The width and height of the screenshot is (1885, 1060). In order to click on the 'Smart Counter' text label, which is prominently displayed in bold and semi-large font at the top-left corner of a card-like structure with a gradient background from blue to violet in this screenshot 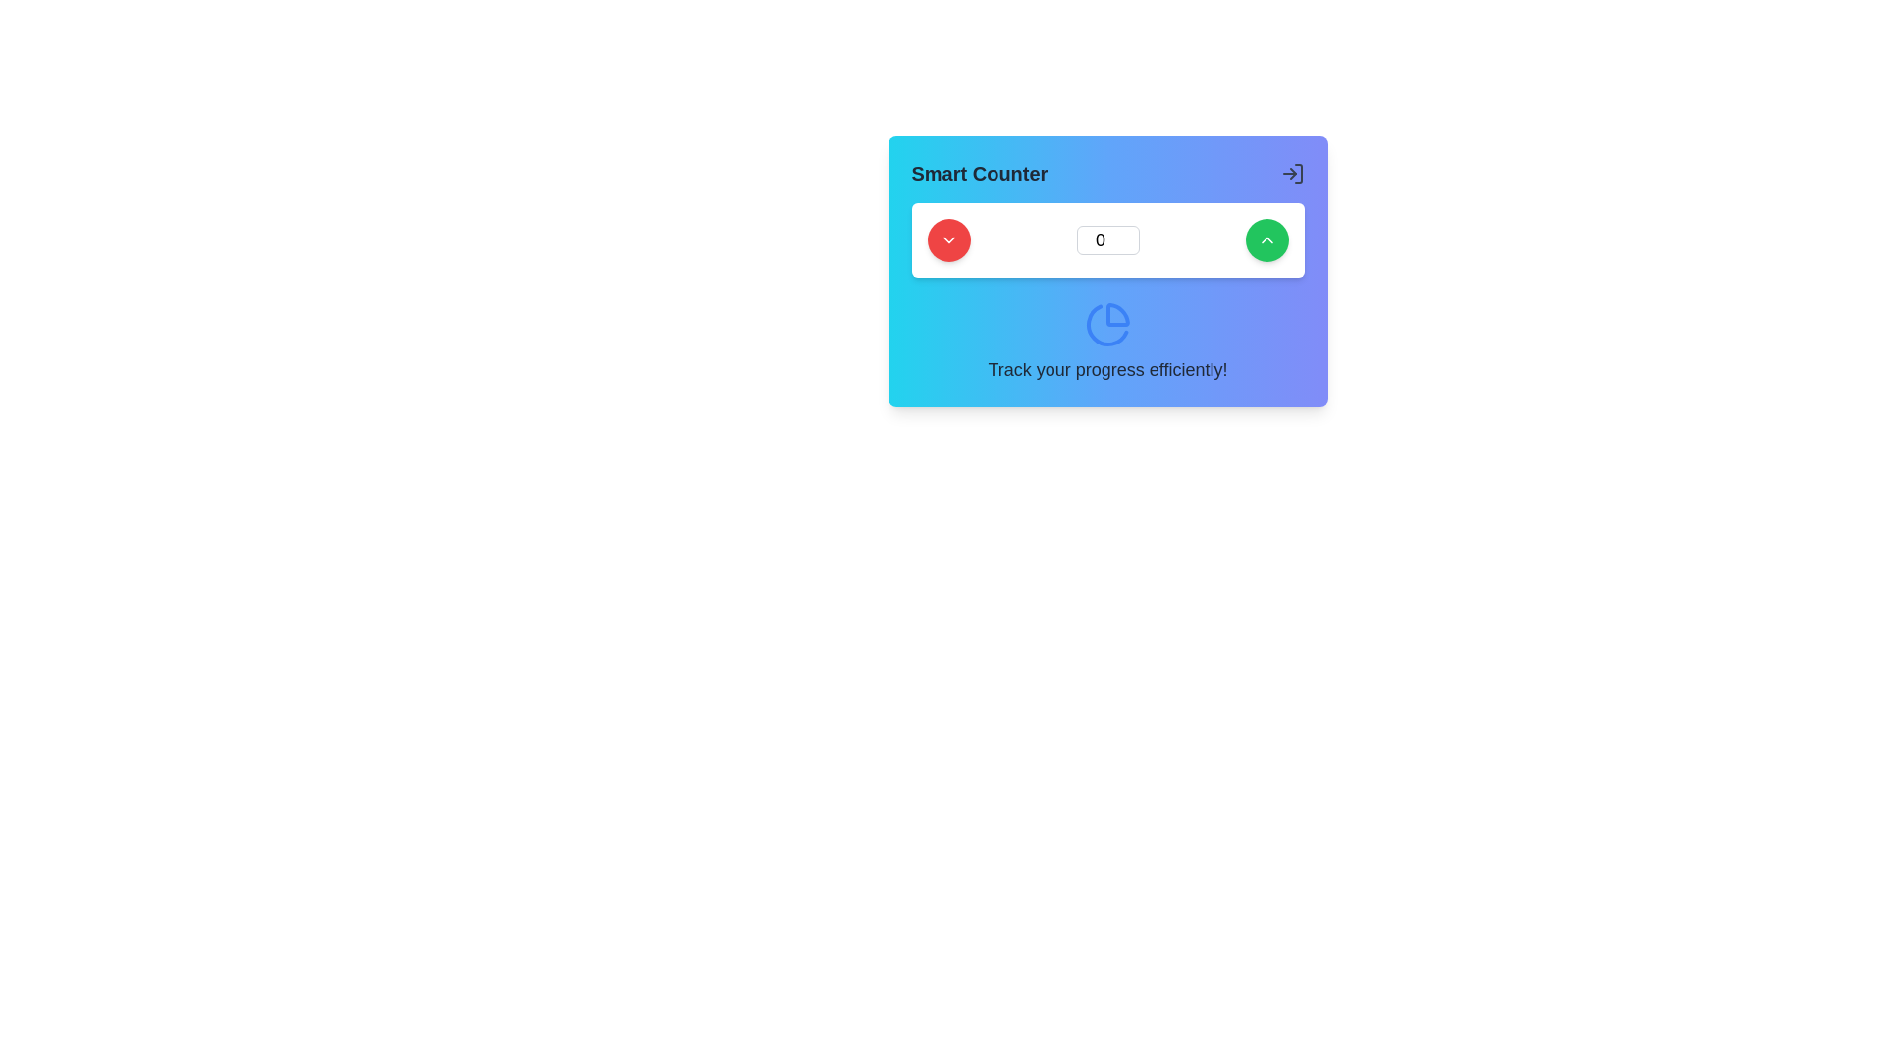, I will do `click(980, 173)`.